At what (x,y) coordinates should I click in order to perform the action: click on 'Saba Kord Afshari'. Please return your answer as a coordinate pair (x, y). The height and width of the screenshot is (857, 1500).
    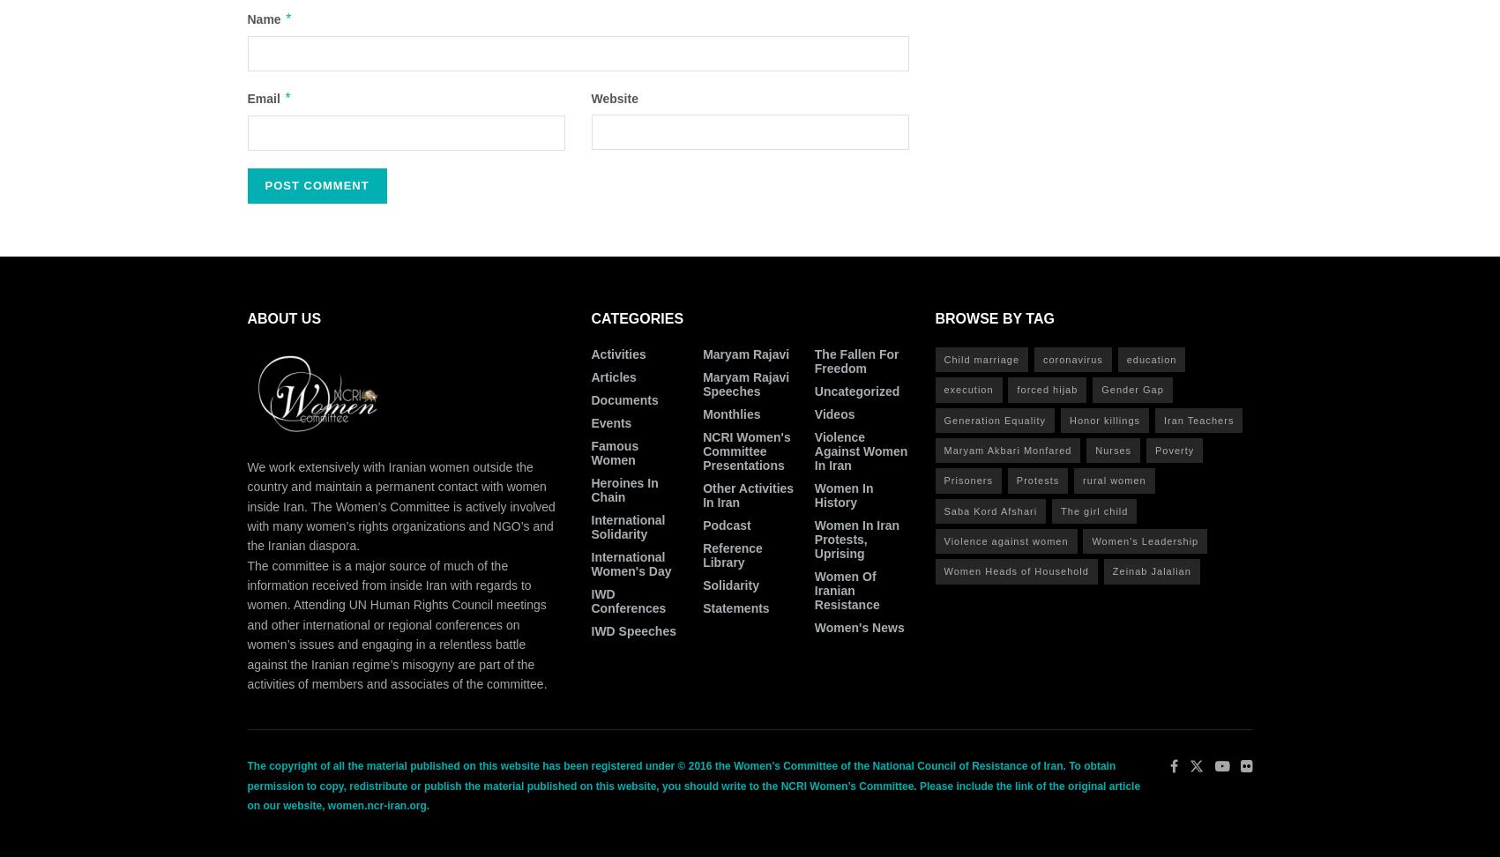
    Looking at the image, I should click on (943, 510).